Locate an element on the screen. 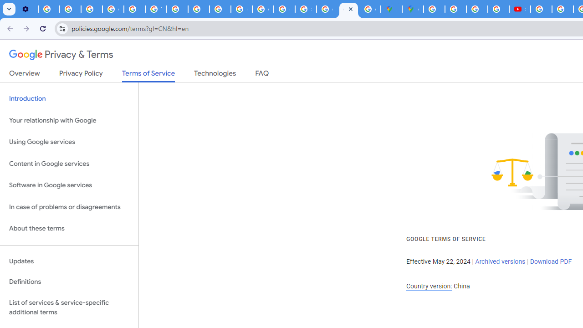 This screenshot has height=328, width=583. 'Subscriptions - YouTube' is located at coordinates (520, 9).